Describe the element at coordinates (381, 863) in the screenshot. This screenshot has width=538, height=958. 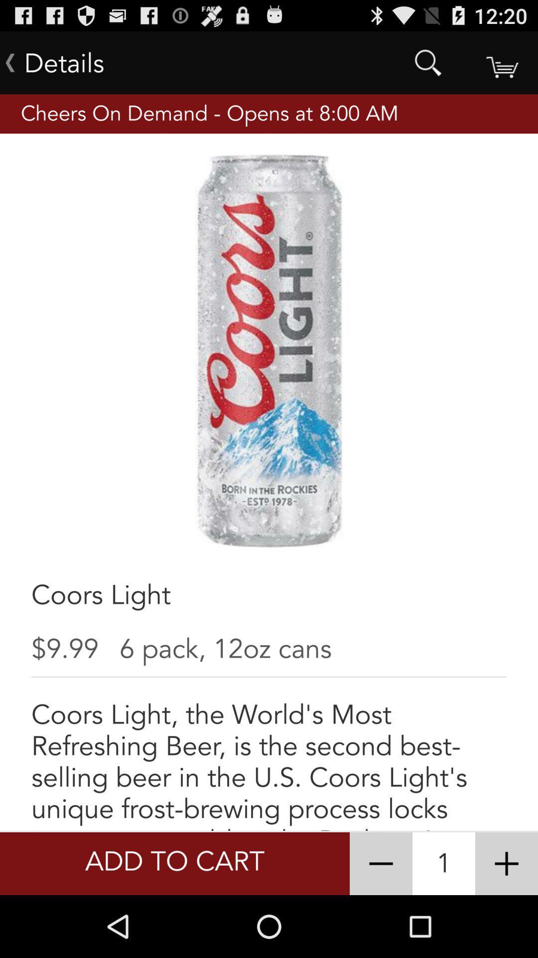
I see `item to the right of the add to cart icon` at that location.